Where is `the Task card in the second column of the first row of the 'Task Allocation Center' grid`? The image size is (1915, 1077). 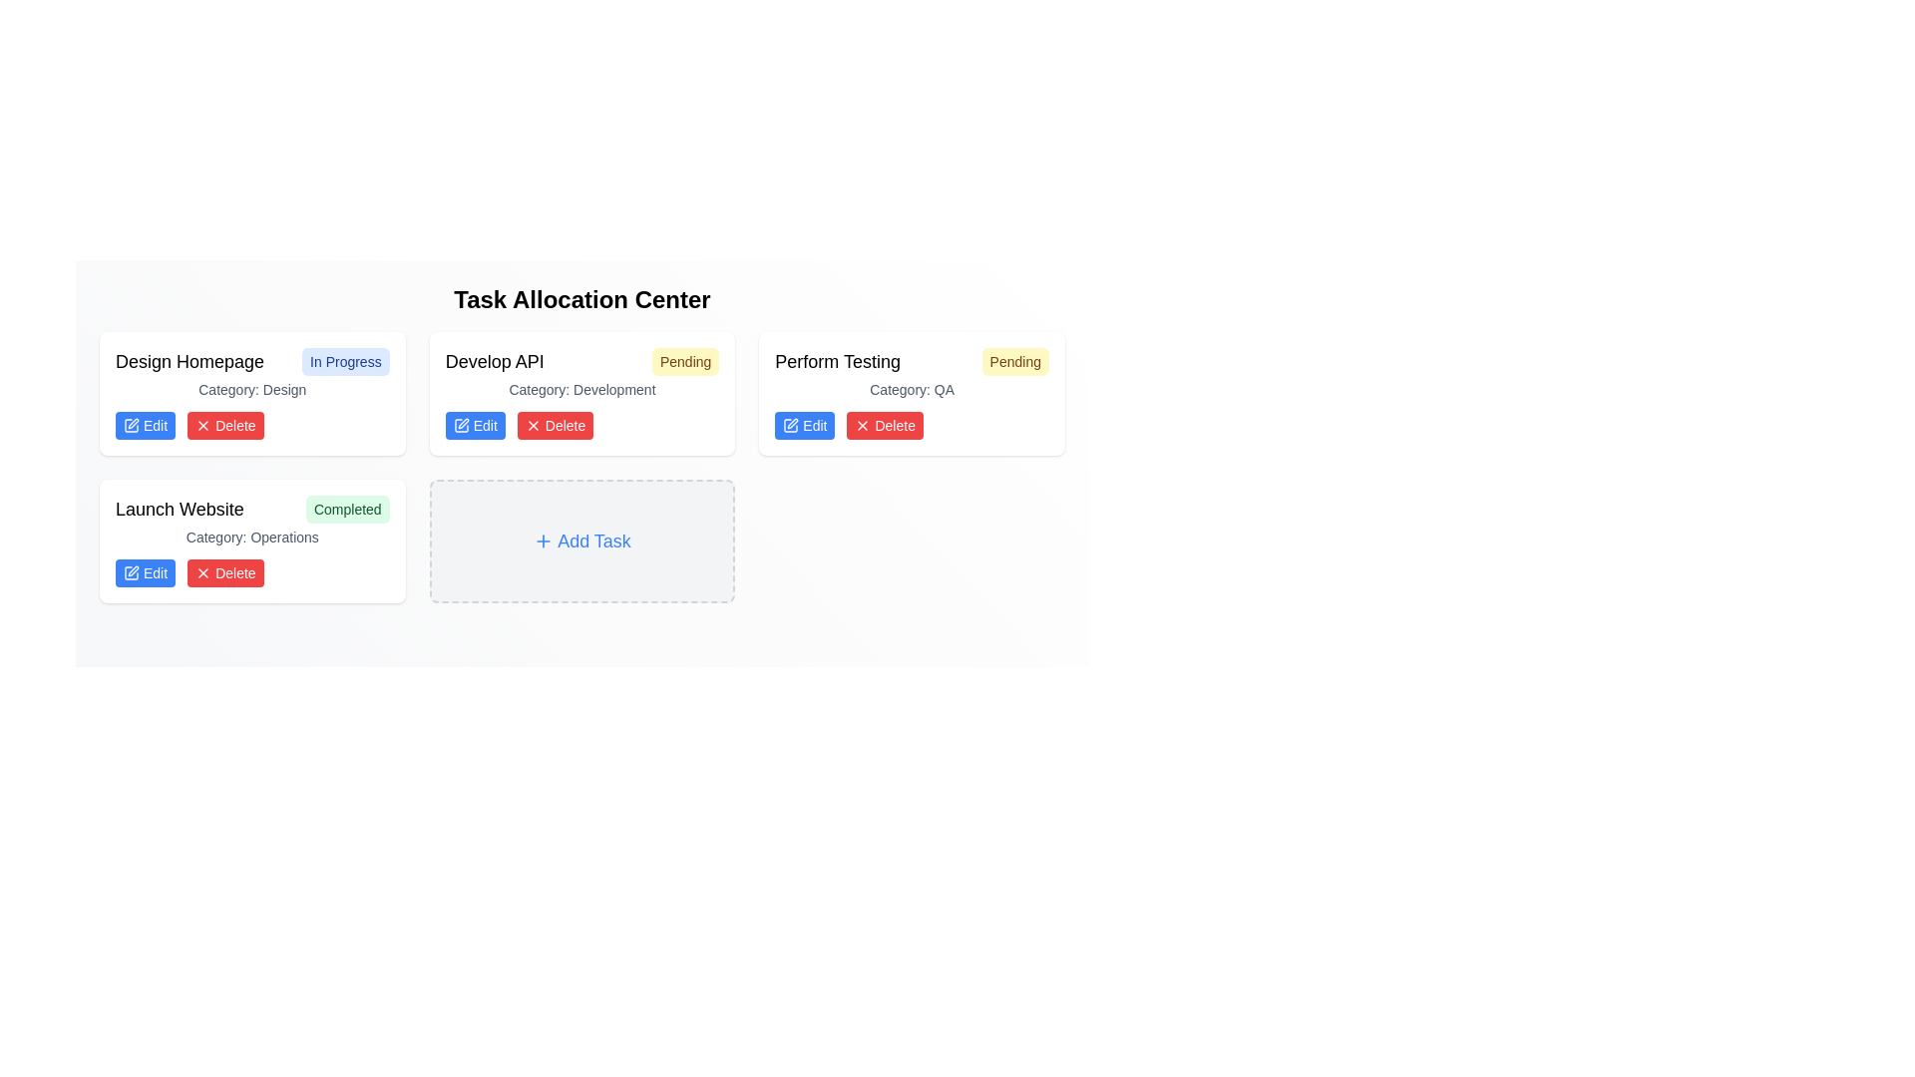
the Task card in the second column of the first row of the 'Task Allocation Center' grid is located at coordinates (581, 393).